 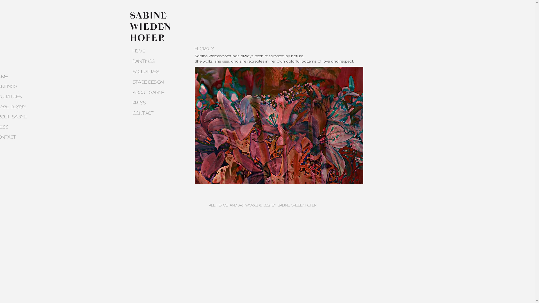 I want to click on 'Paintings', so click(x=129, y=61).